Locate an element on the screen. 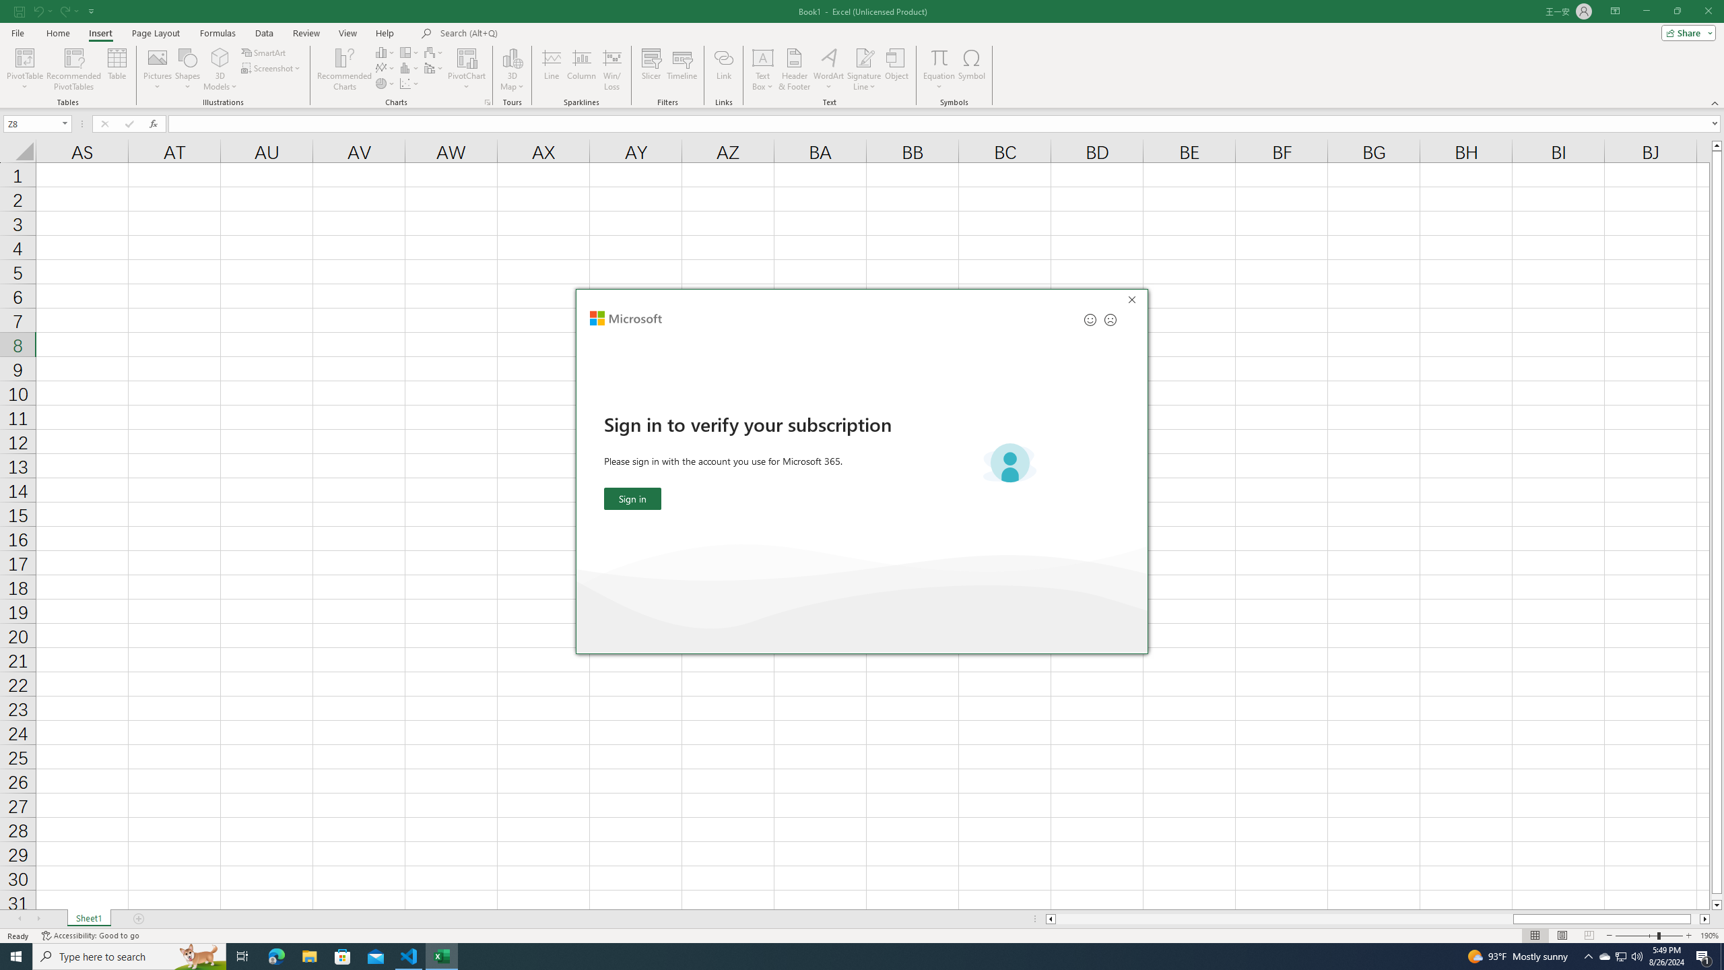  'Table' is located at coordinates (117, 69).